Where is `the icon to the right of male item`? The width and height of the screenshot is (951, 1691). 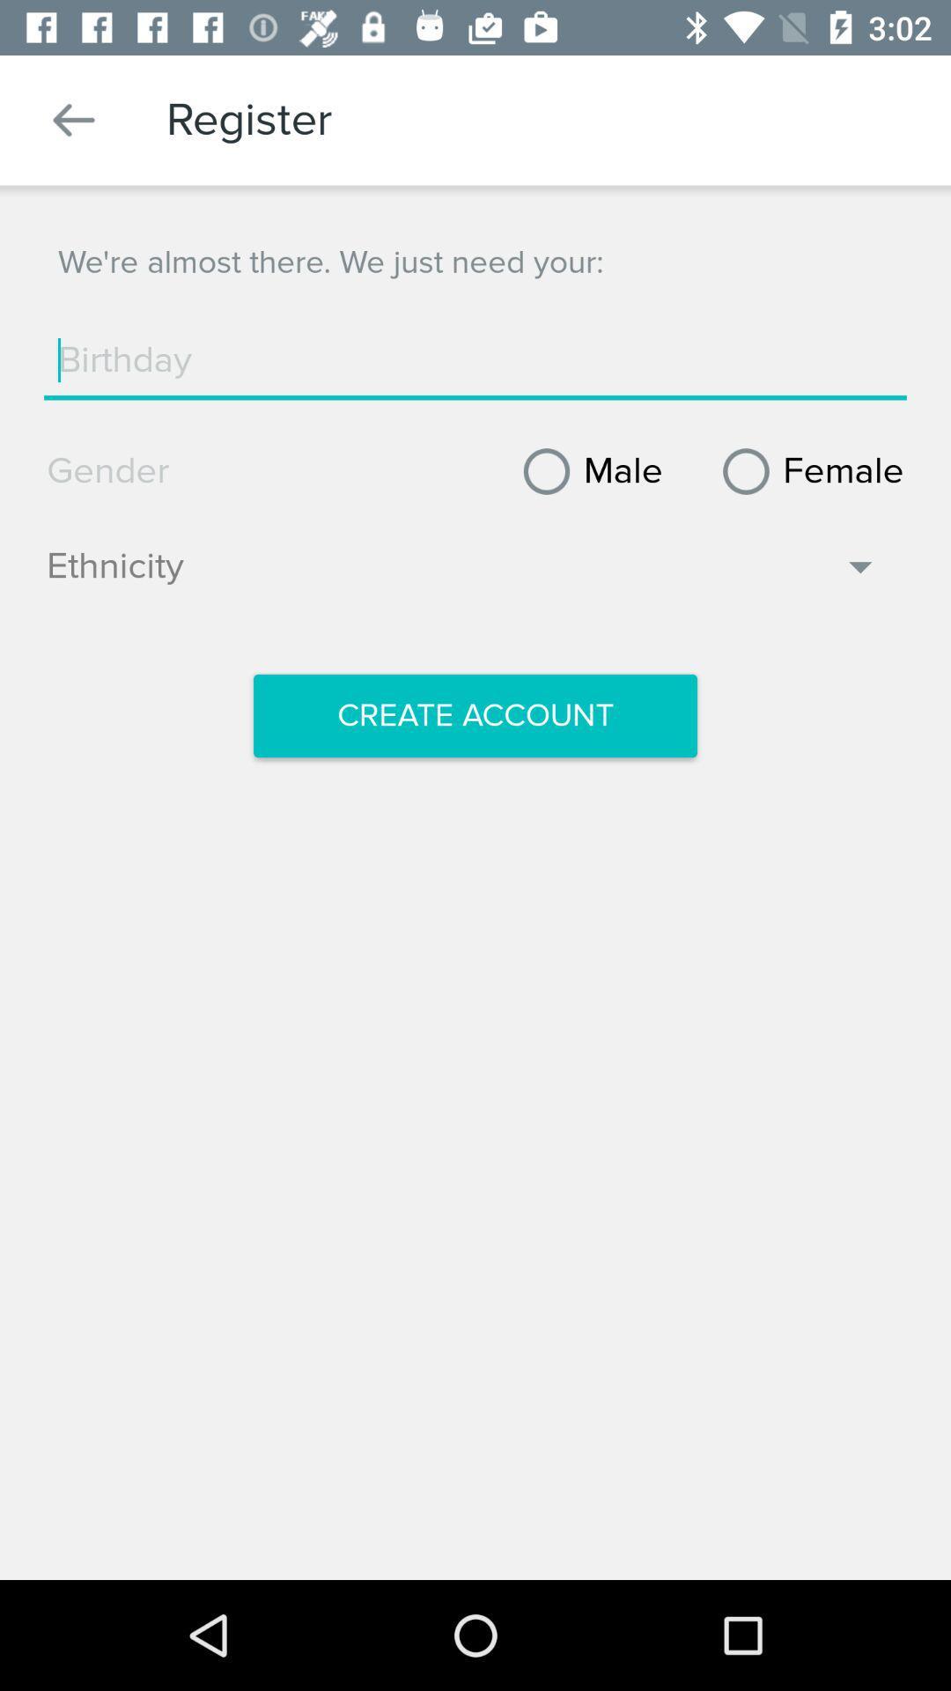
the icon to the right of male item is located at coordinates (807, 471).